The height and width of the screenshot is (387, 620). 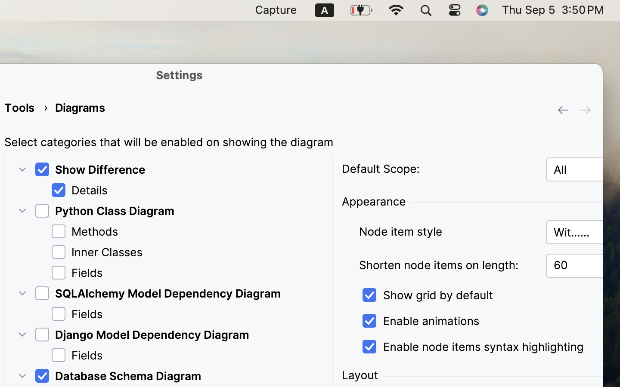 What do you see at coordinates (168, 142) in the screenshot?
I see `'Select categories that will be enabled on showing the diagram'` at bounding box center [168, 142].